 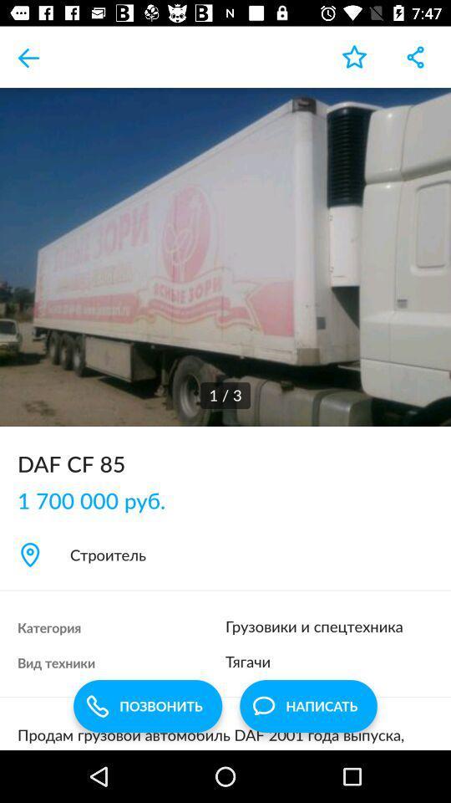 I want to click on the text placed below daf cf 85, so click(x=99, y=499).